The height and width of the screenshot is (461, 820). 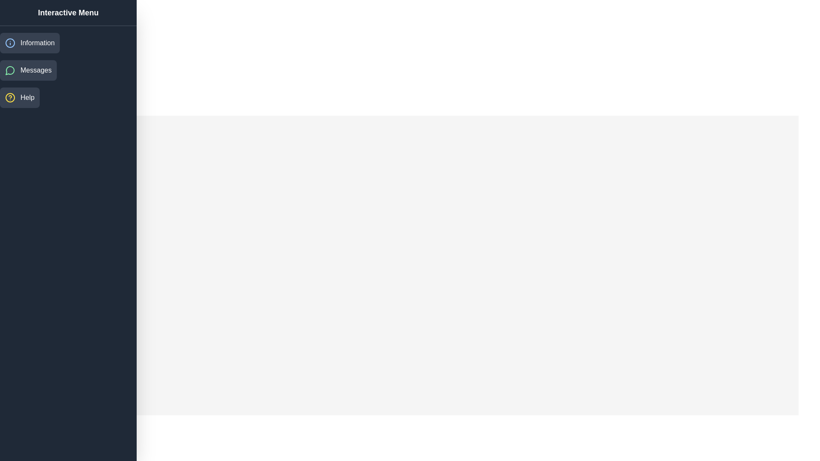 What do you see at coordinates (10, 70) in the screenshot?
I see `the speech bubble icon with a green outline located in the 'Messages' option of the vertical menu` at bounding box center [10, 70].